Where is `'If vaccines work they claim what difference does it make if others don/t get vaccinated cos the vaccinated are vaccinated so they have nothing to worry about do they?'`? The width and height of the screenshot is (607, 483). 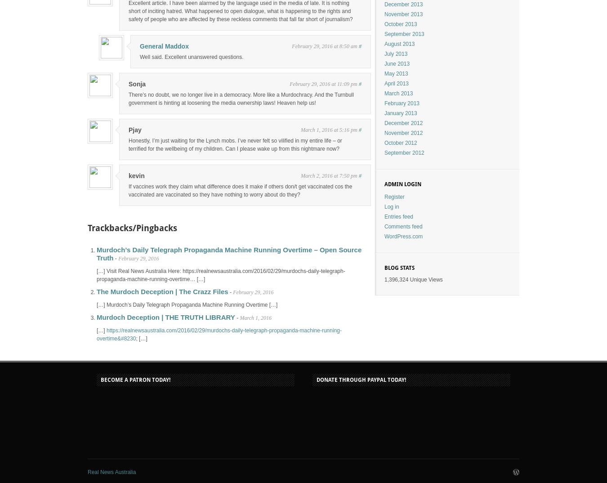 'If vaccines work they claim what difference does it make if others don/t get vaccinated cos the vaccinated are vaccinated so they have nothing to worry about do they?' is located at coordinates (128, 191).